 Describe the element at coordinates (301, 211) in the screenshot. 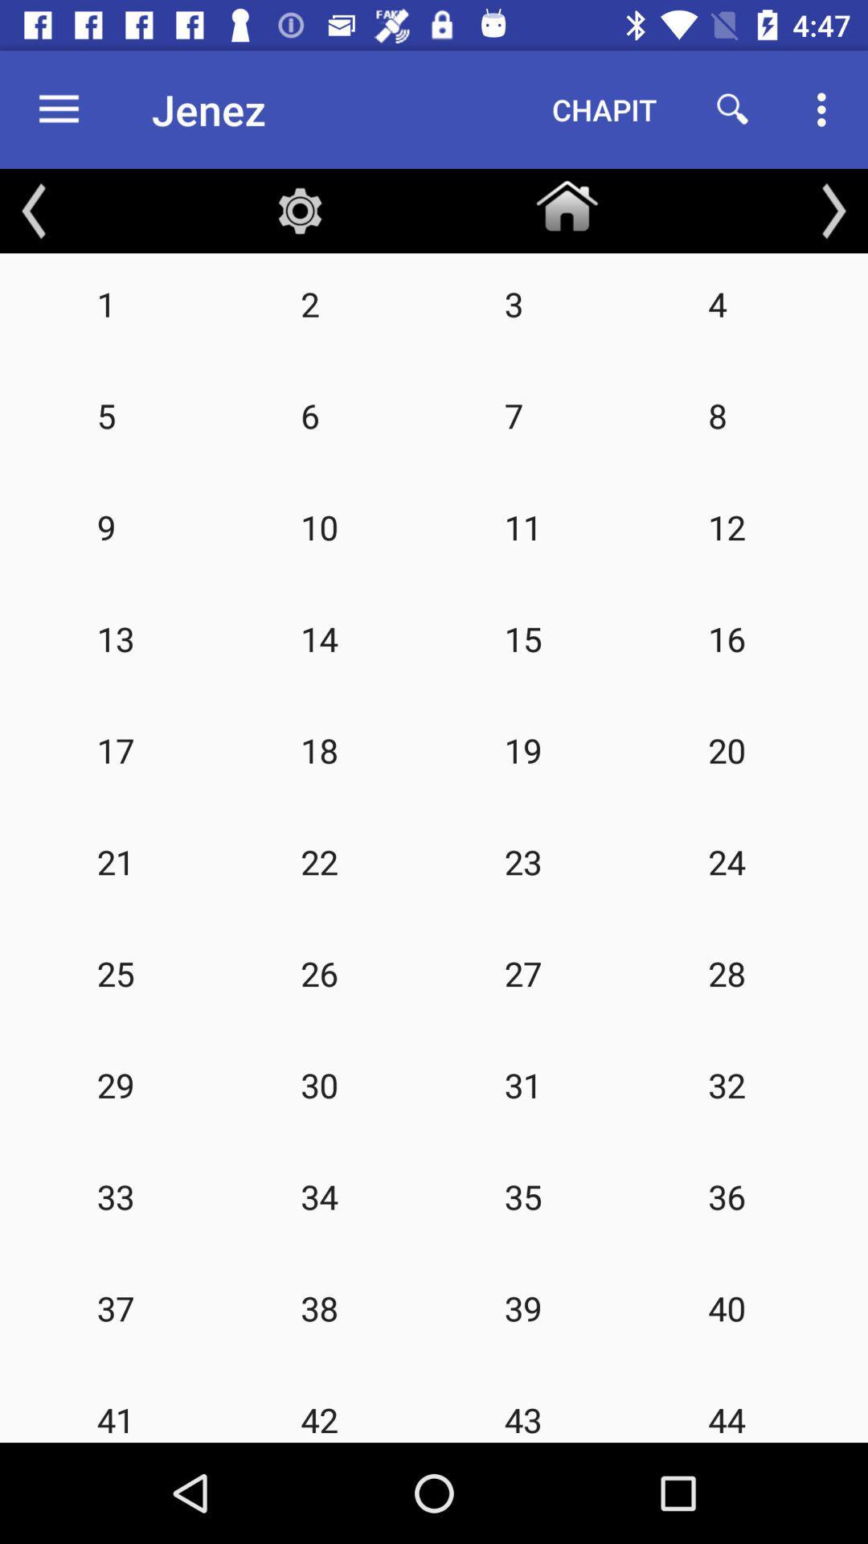

I see `the settings button in the page` at that location.